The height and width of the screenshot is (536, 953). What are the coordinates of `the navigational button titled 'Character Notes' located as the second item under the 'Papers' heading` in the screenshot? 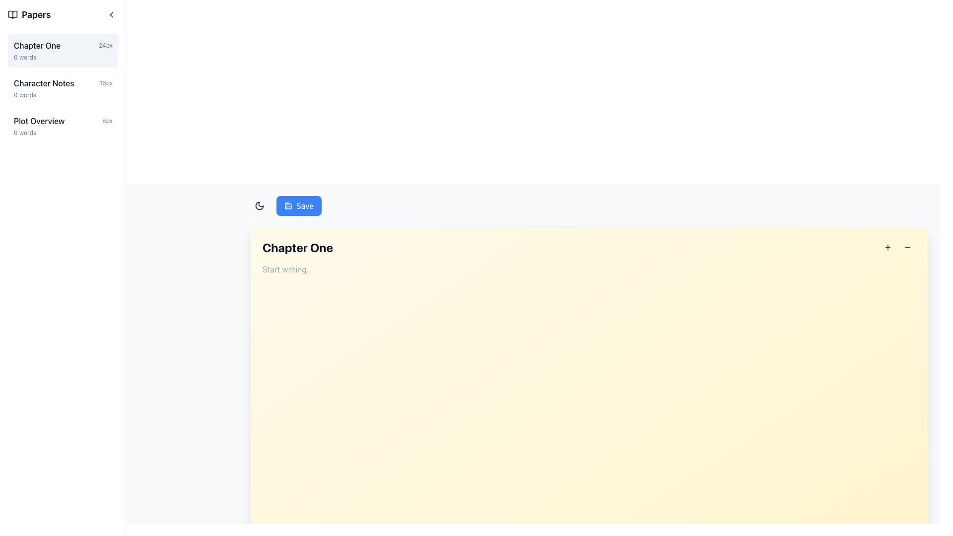 It's located at (63, 87).